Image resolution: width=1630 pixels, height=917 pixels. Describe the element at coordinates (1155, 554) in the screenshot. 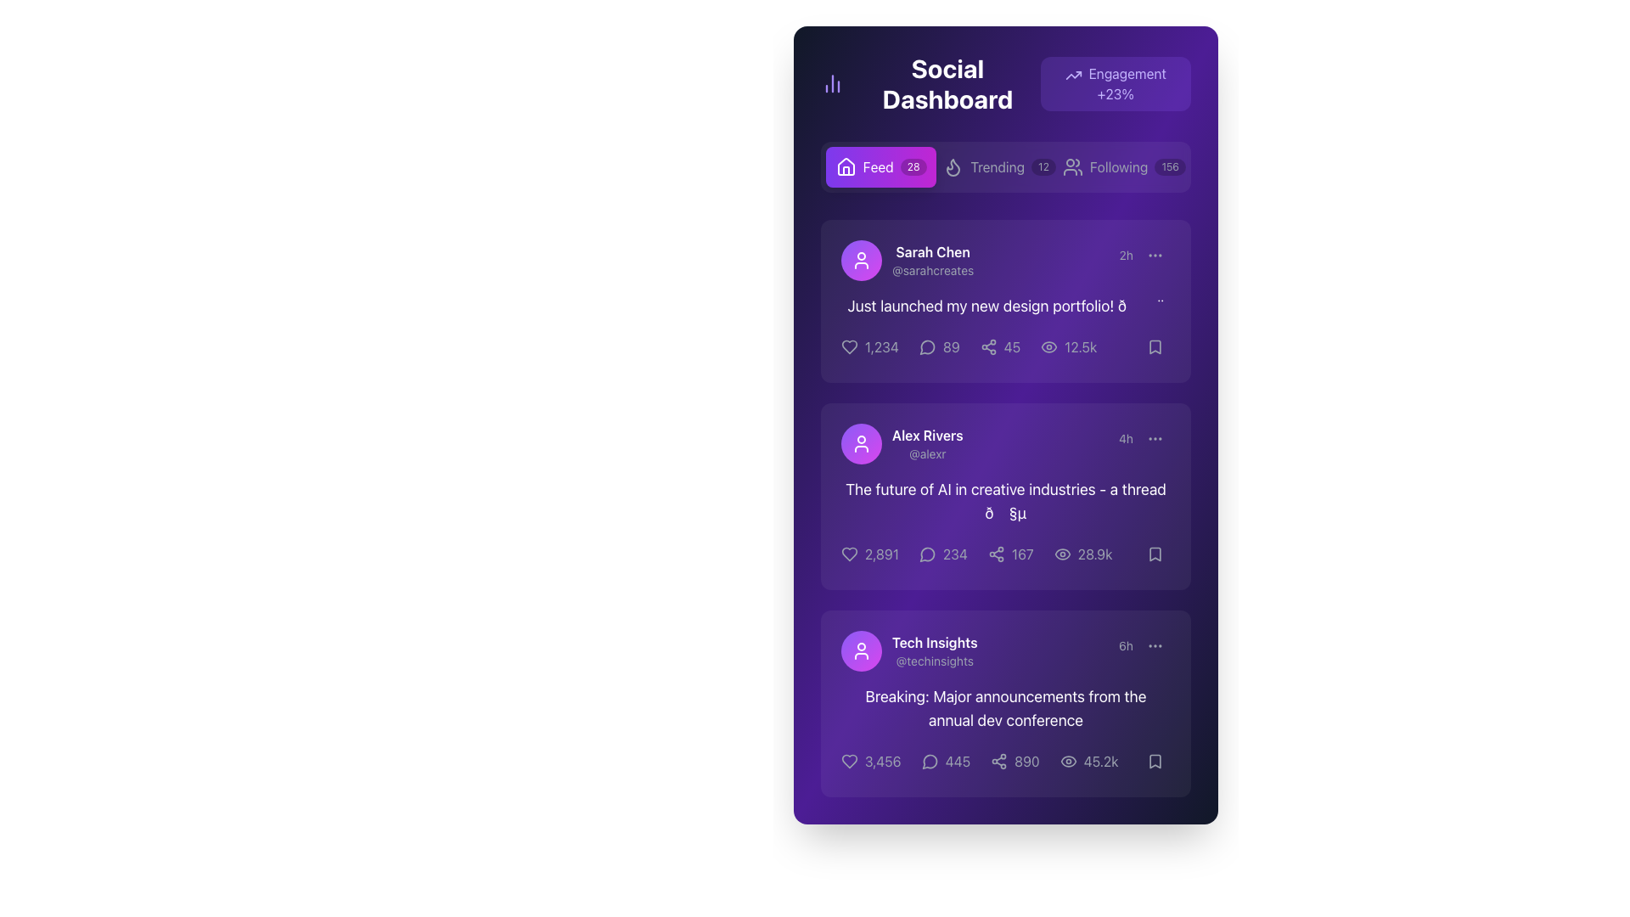

I see `the bookmark icon located in the bottom-right section of the post card titled 'Alex Rivers' to bookmark the post` at that location.